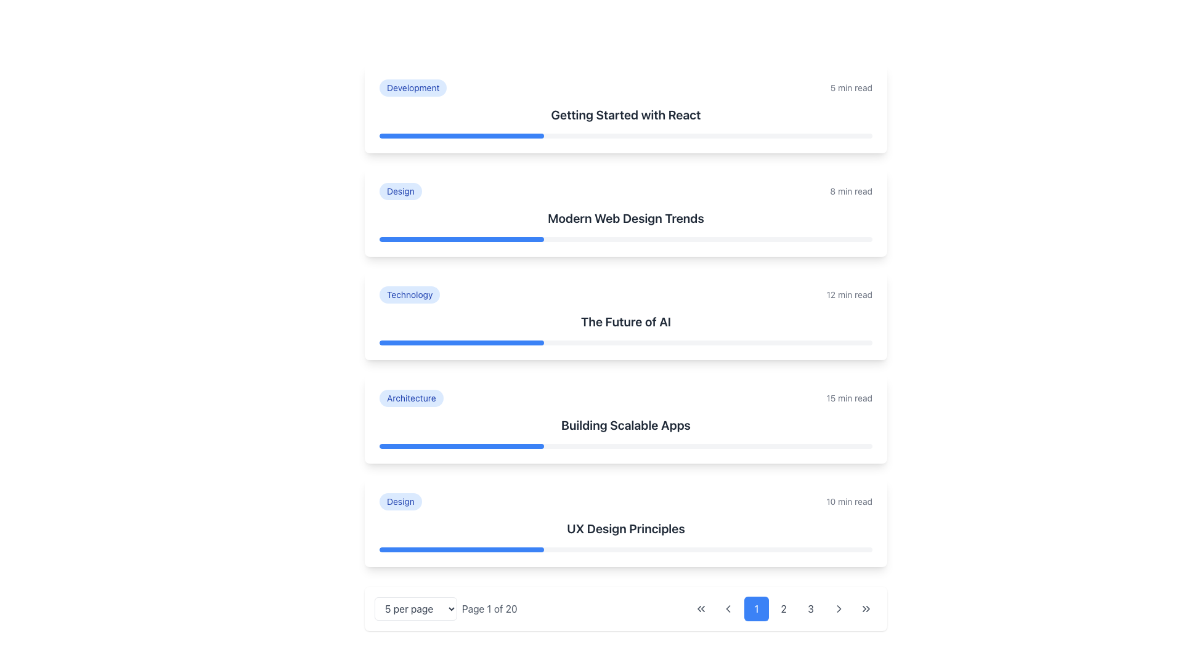 The width and height of the screenshot is (1183, 665). What do you see at coordinates (626, 321) in the screenshot?
I see `the text component displaying 'The Future of AI', which is styled in large bold font and is centrally positioned within the card layout` at bounding box center [626, 321].